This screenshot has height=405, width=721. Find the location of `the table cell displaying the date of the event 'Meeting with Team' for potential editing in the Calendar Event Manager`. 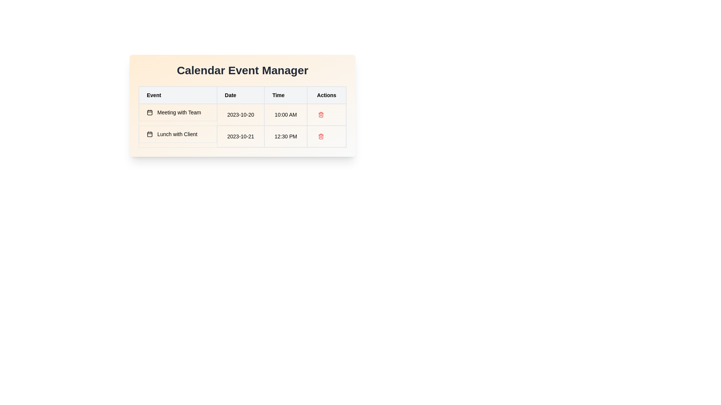

the table cell displaying the date of the event 'Meeting with Team' for potential editing in the Calendar Event Manager is located at coordinates (243, 105).